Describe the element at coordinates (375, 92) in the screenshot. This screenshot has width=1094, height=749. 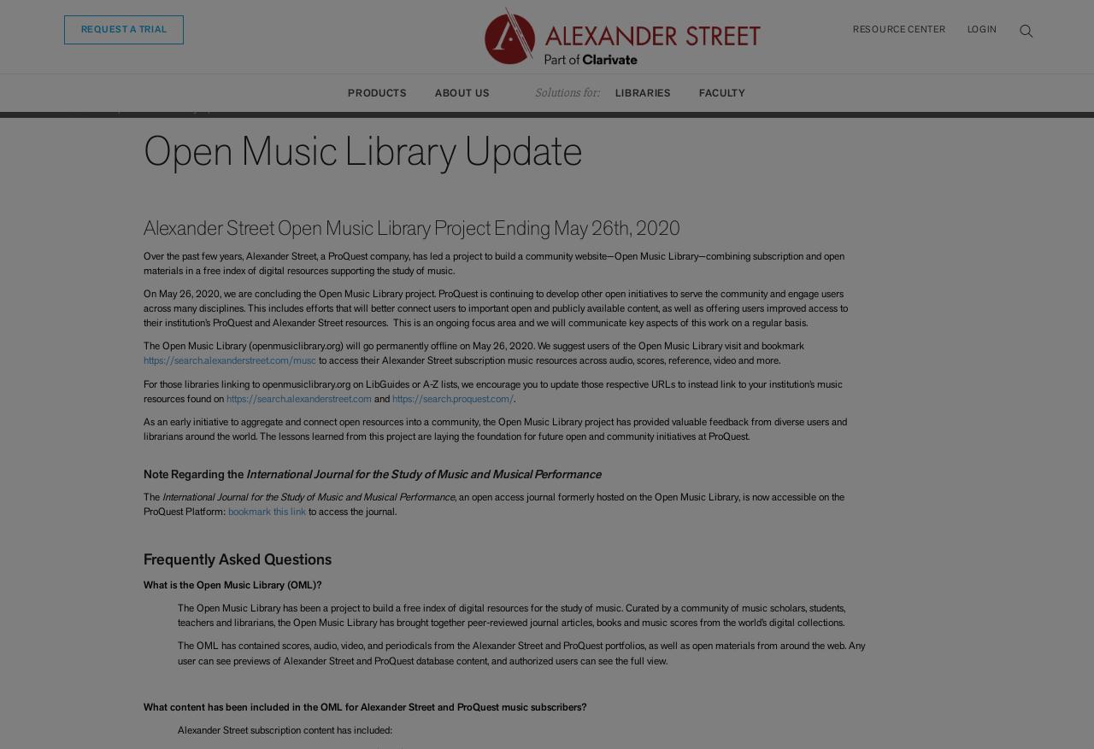
I see `'Products'` at that location.